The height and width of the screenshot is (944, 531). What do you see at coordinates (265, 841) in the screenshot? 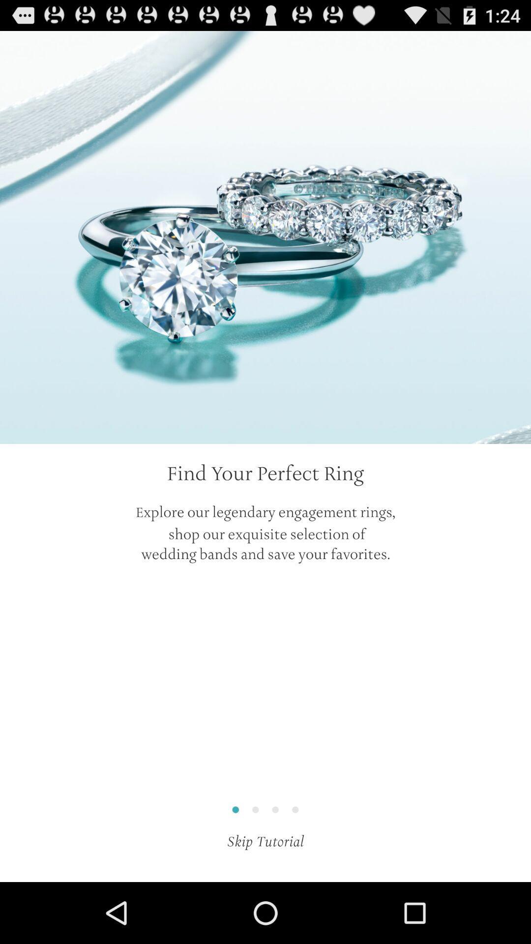
I see `skip tutorial item` at bounding box center [265, 841].